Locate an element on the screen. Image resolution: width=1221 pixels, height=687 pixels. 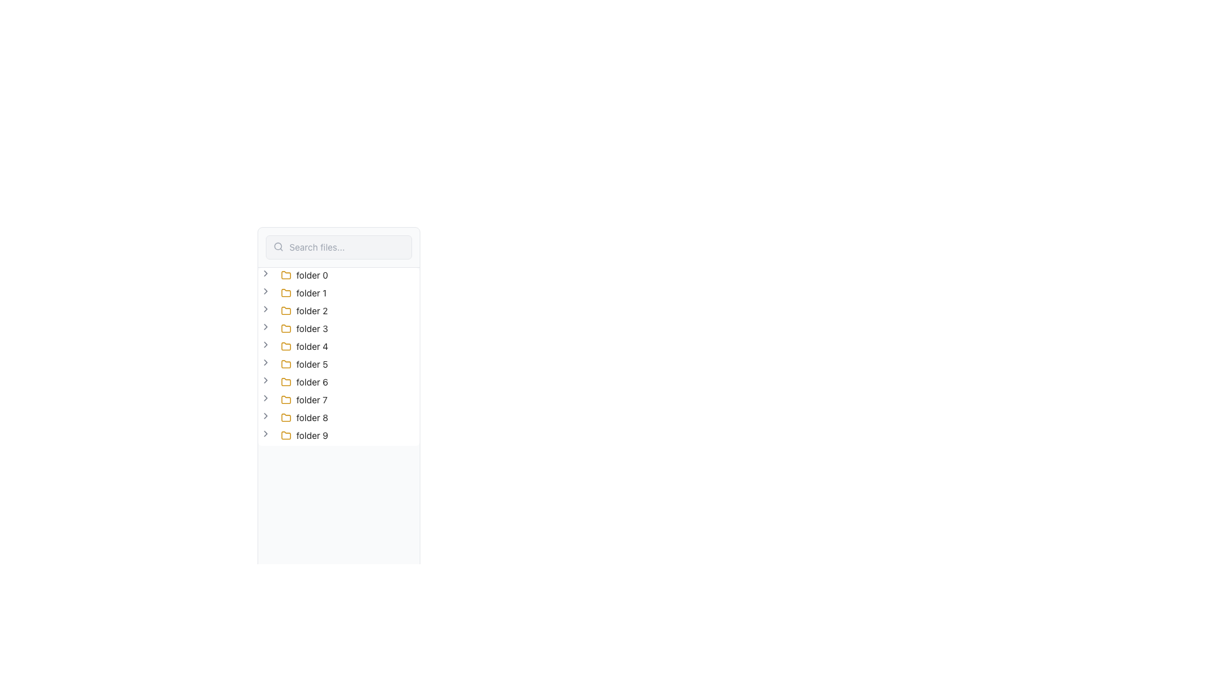
the graphical icon representing 'folder 2' is located at coordinates (286, 310).